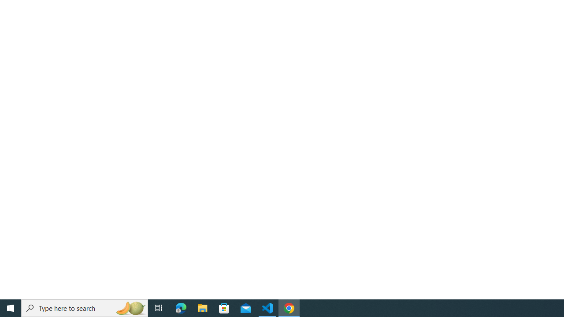  I want to click on 'Start', so click(11, 307).